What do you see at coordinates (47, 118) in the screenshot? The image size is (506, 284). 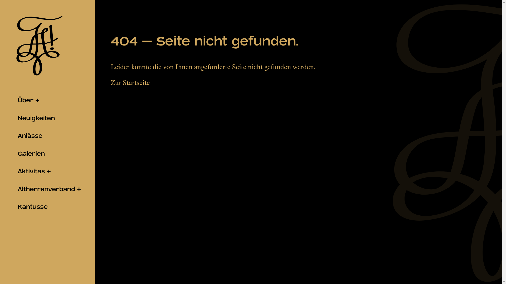 I see `'Neuigkeiten'` at bounding box center [47, 118].